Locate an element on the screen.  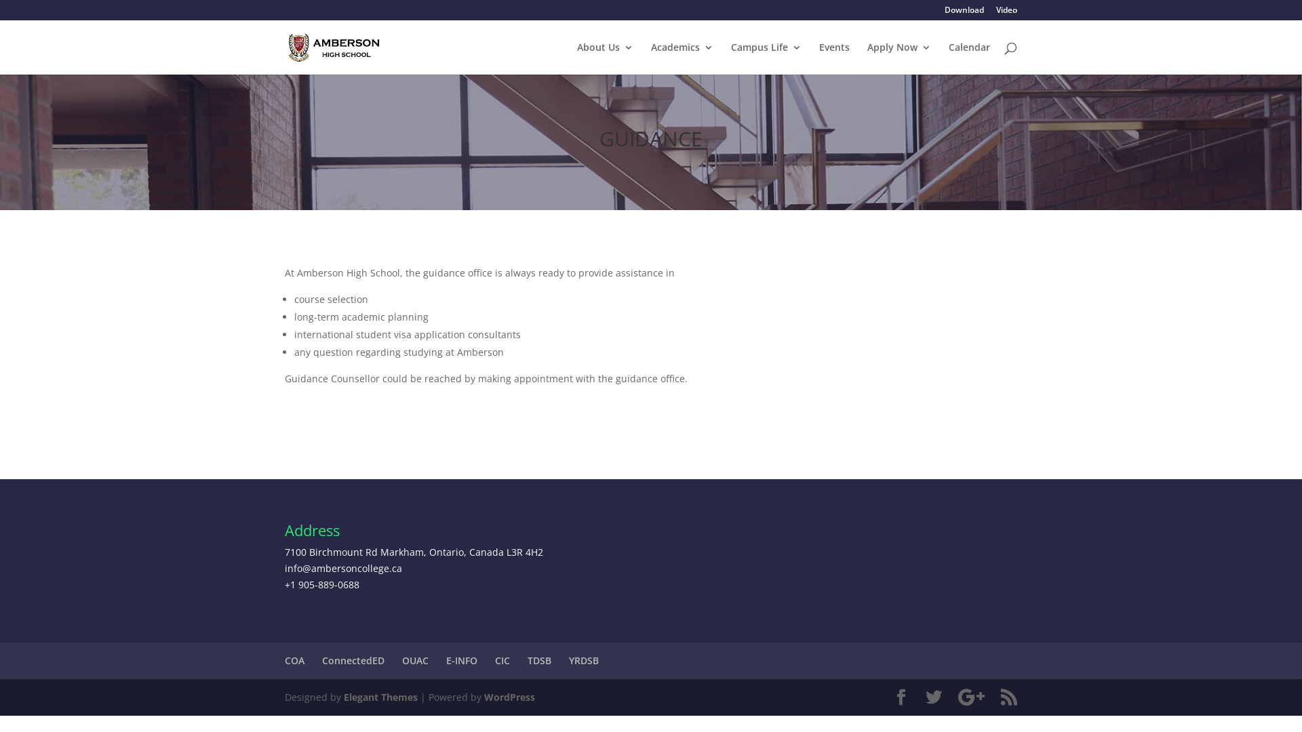
'Apply Now' is located at coordinates (899, 58).